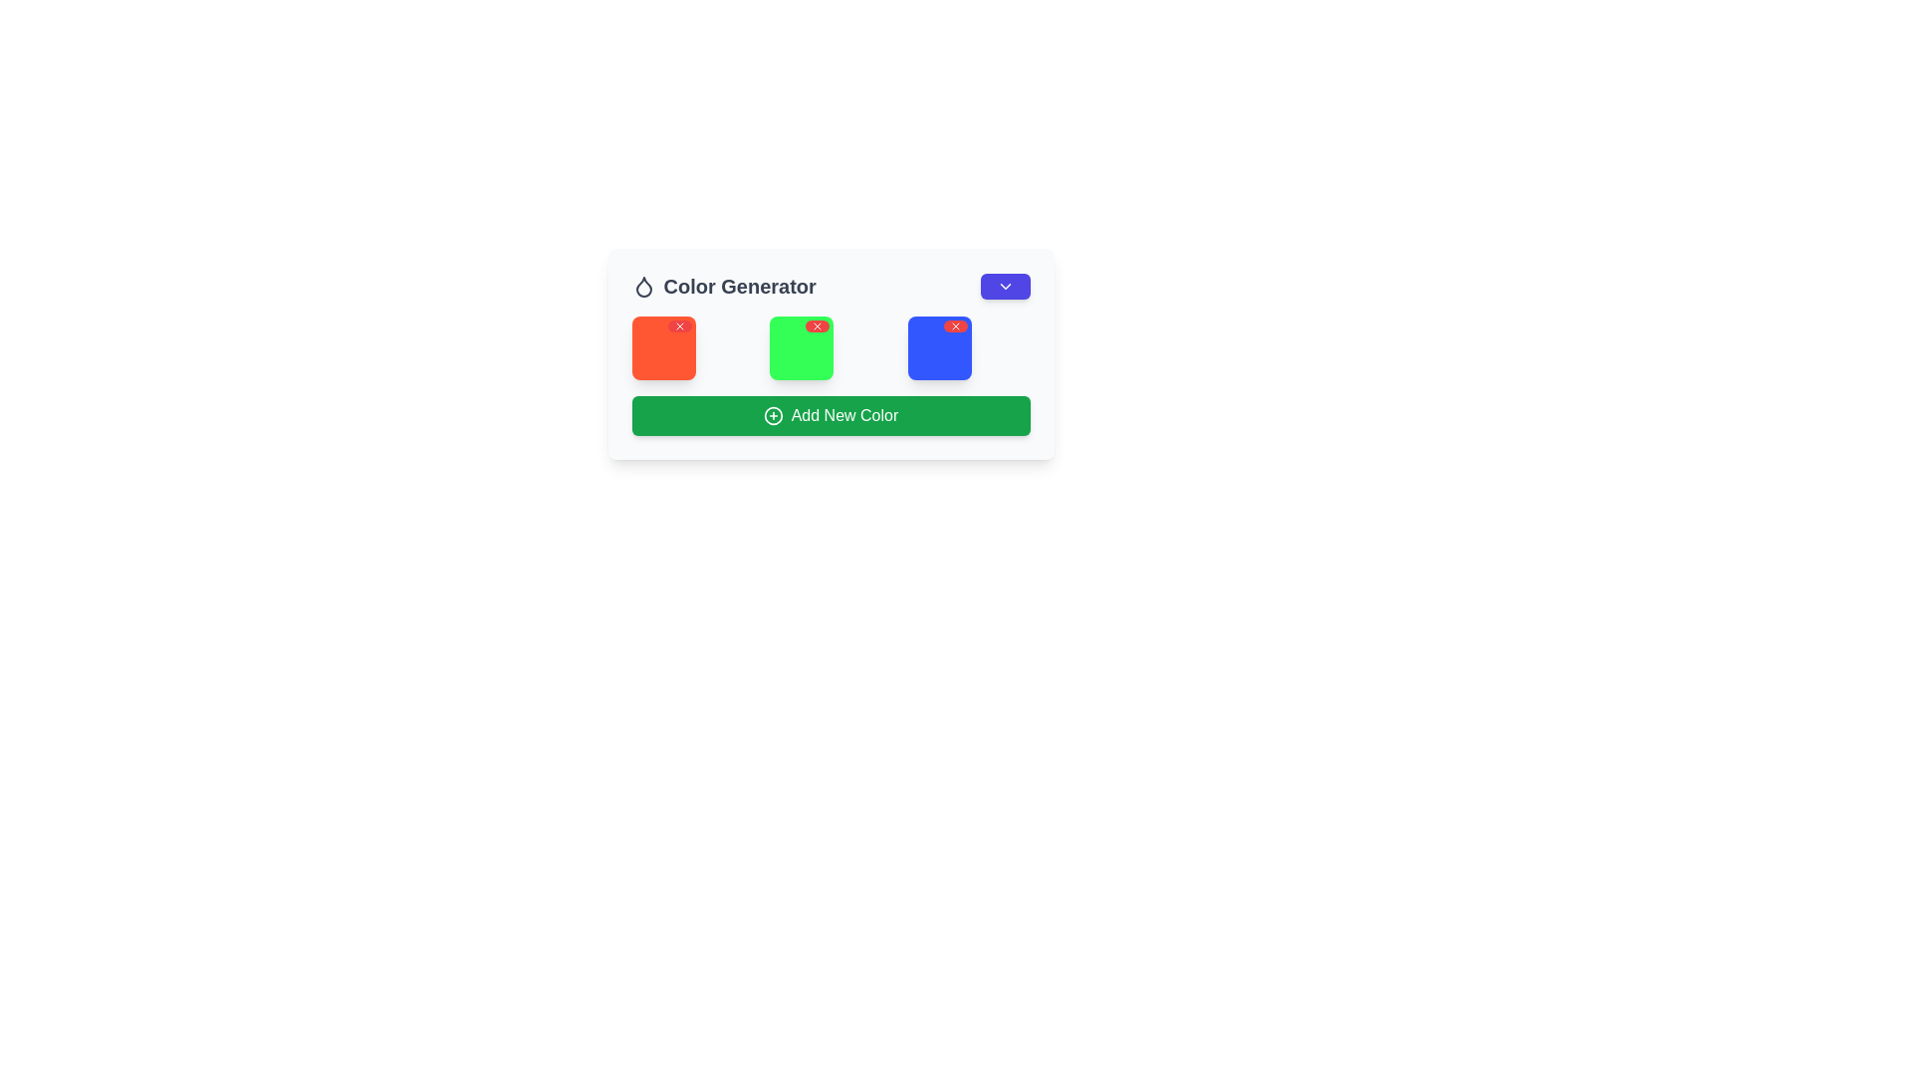  What do you see at coordinates (844, 414) in the screenshot?
I see `the green rectangular button that triggers the action for adding a new color, located beneath a row of three colored squares` at bounding box center [844, 414].